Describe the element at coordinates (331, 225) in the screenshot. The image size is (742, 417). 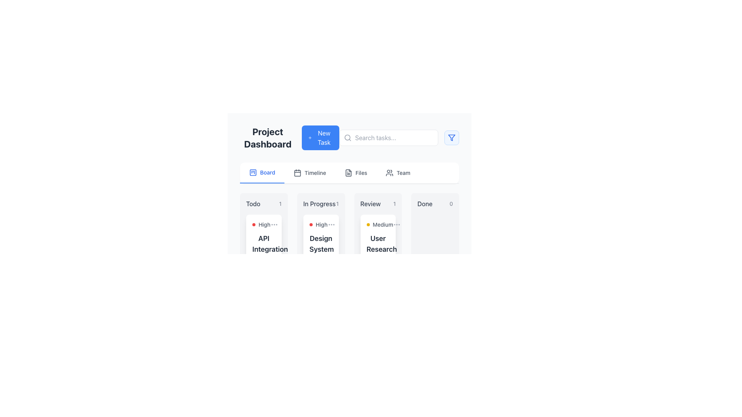
I see `the Icon button located in the 'In Progress' section of the task card labeled 'High'` at that location.